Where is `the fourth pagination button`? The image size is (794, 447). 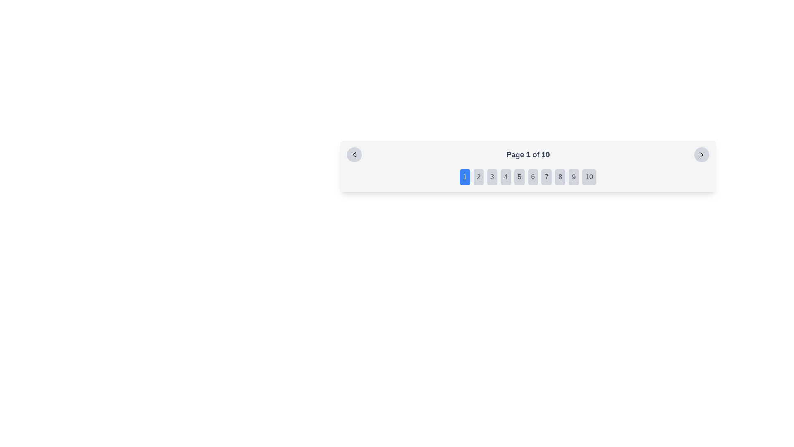 the fourth pagination button is located at coordinates (505, 177).